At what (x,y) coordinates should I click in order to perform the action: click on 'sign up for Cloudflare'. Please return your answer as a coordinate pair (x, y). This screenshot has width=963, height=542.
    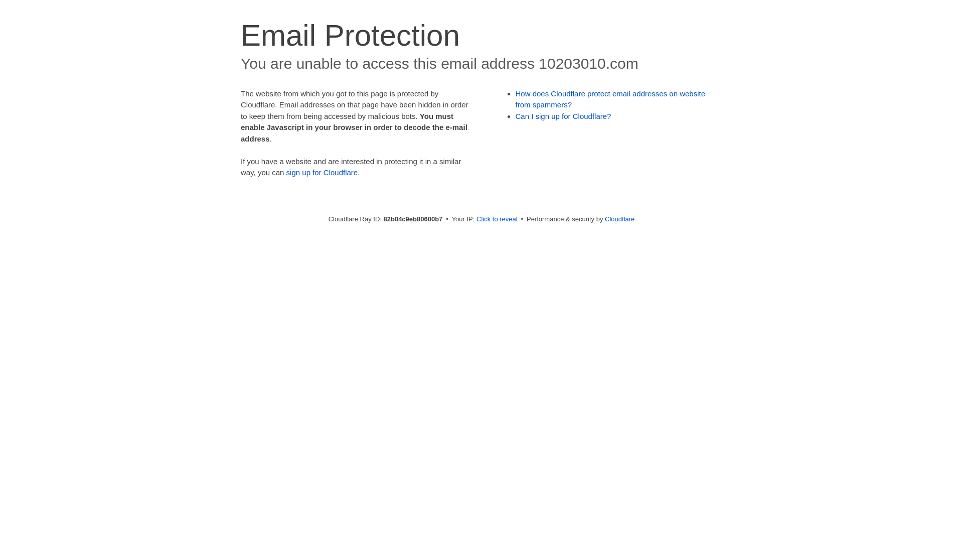
    Looking at the image, I should click on (322, 172).